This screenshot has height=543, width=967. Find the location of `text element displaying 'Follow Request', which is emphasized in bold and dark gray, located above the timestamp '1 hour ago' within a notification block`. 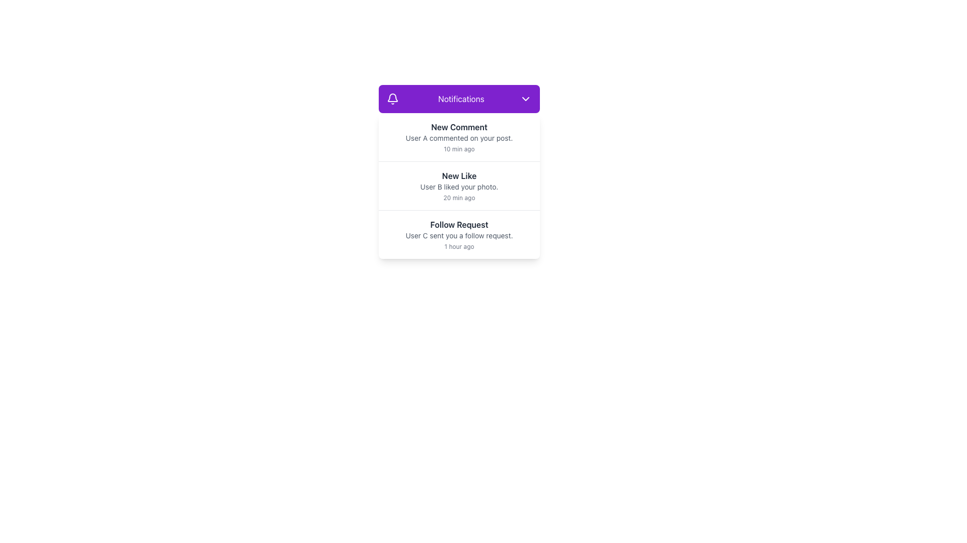

text element displaying 'Follow Request', which is emphasized in bold and dark gray, located above the timestamp '1 hour ago' within a notification block is located at coordinates (459, 224).